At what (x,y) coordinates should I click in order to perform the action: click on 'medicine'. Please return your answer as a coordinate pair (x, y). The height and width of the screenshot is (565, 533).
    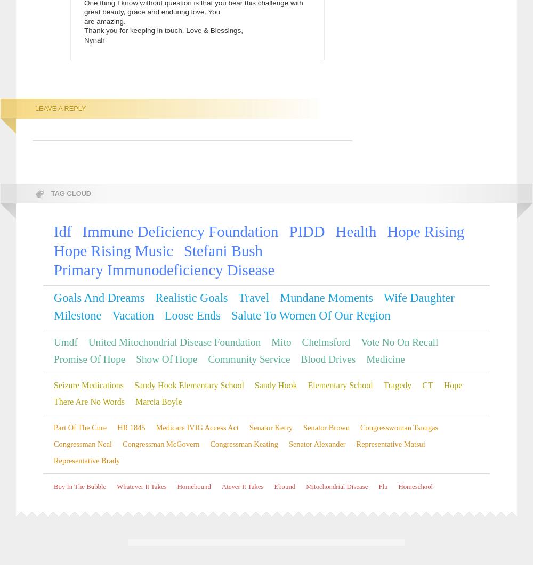
    Looking at the image, I should click on (366, 358).